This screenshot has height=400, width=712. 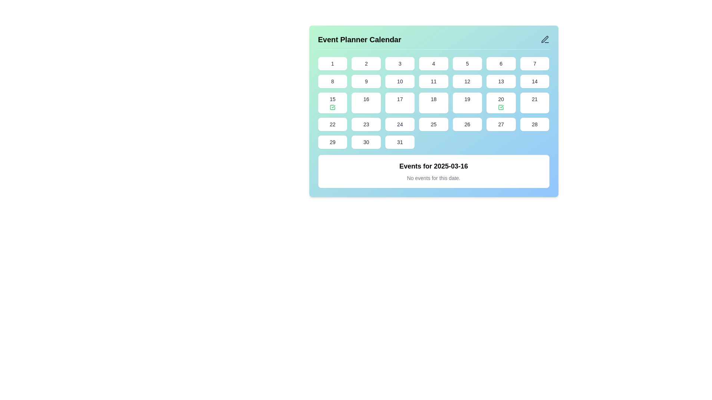 What do you see at coordinates (399, 103) in the screenshot?
I see `the button representing the date '17' in the calendar interface` at bounding box center [399, 103].